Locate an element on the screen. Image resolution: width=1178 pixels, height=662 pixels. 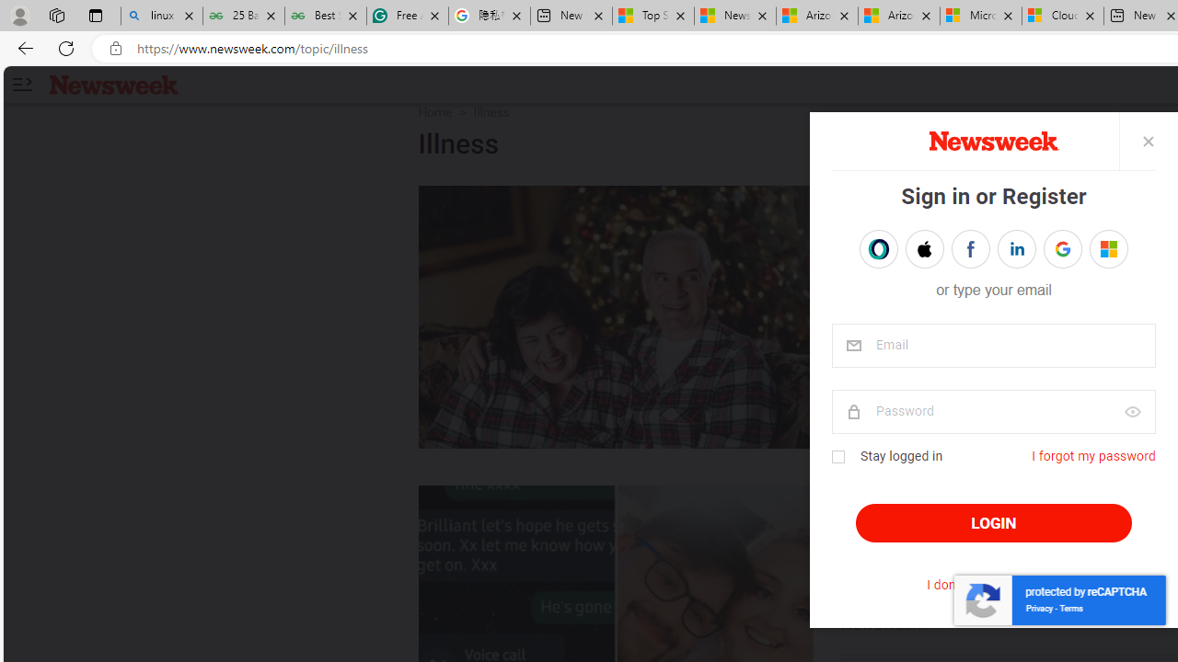
'email' is located at coordinates (992, 346).